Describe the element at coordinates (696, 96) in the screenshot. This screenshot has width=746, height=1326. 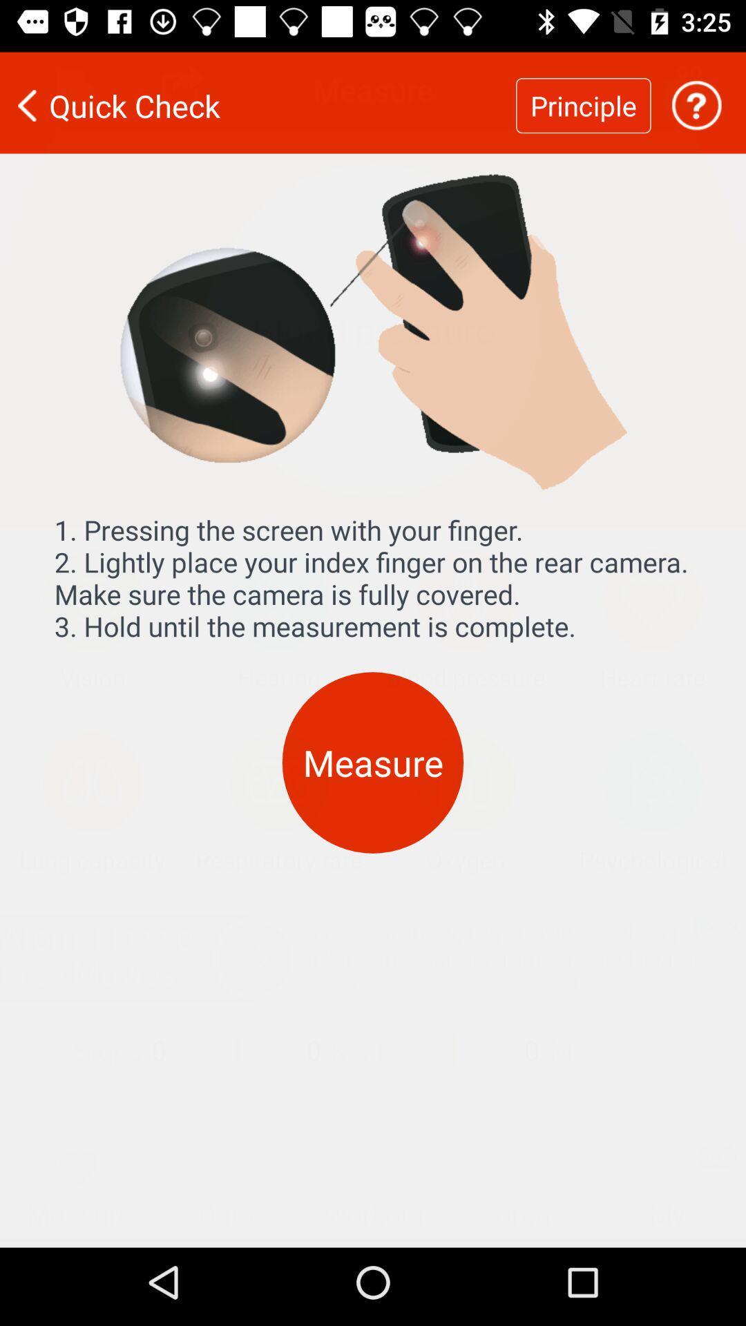
I see `help option` at that location.